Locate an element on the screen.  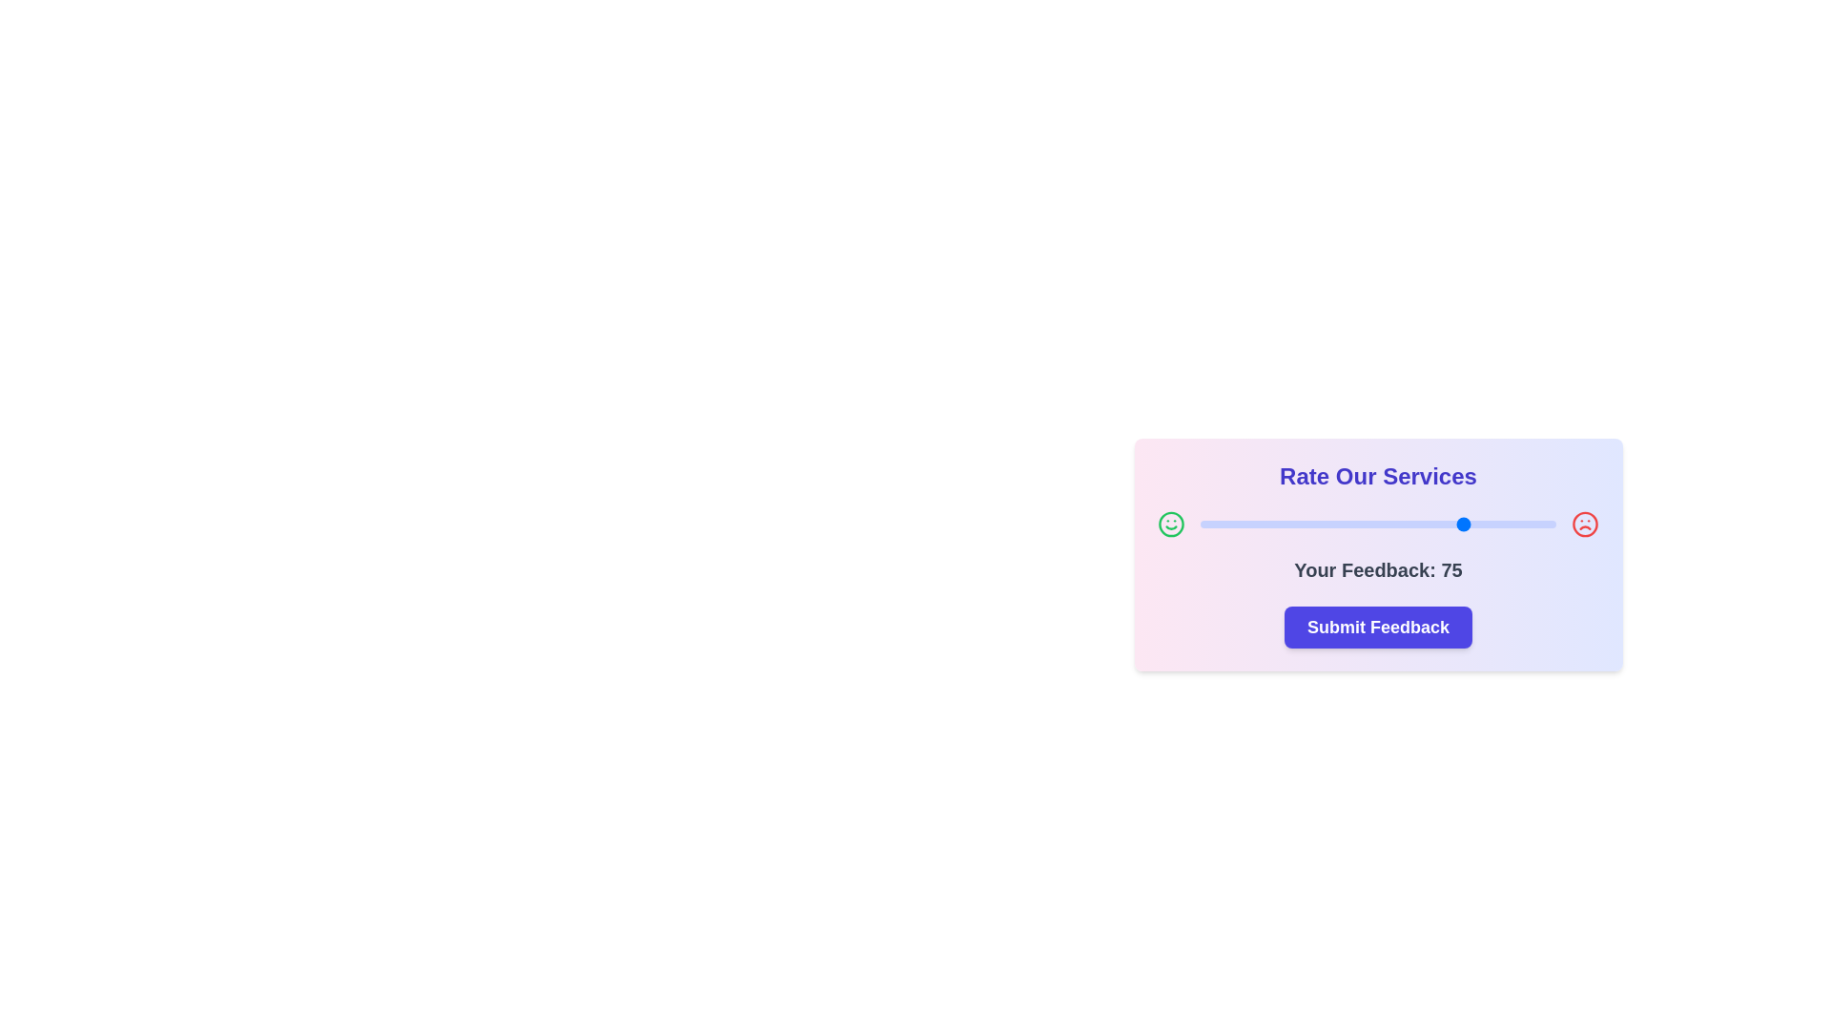
the smiley icon to adjust the feedback slider is located at coordinates (1170, 525).